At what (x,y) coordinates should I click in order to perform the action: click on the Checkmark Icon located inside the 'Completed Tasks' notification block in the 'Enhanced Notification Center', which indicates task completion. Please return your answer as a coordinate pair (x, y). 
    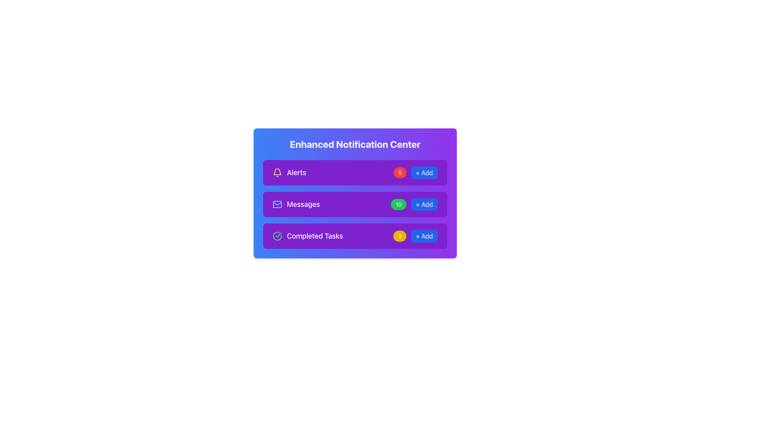
    Looking at the image, I should click on (279, 235).